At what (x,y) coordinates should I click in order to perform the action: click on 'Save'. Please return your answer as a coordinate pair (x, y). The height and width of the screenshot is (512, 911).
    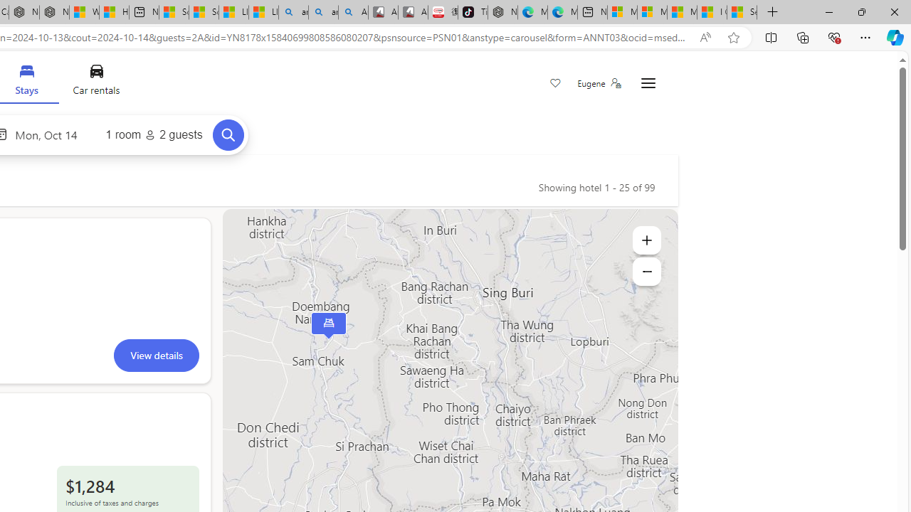
    Looking at the image, I should click on (554, 84).